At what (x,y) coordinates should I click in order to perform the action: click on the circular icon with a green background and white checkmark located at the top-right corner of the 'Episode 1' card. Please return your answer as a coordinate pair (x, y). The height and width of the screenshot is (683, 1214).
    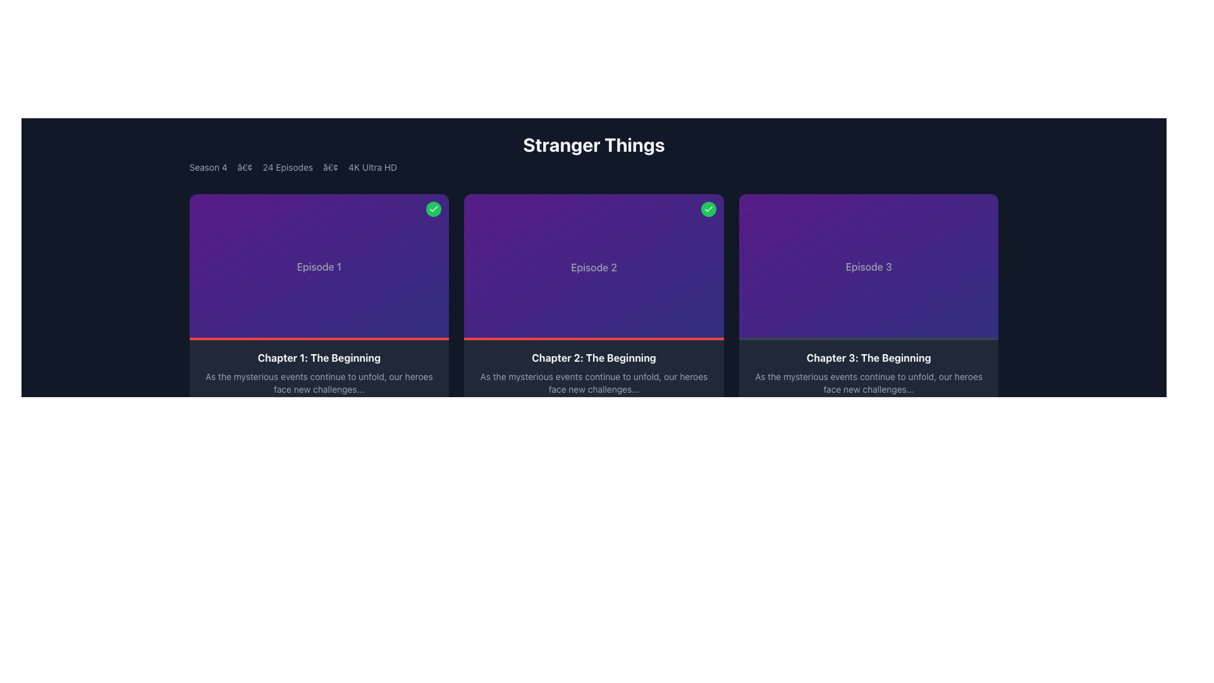
    Looking at the image, I should click on (434, 209).